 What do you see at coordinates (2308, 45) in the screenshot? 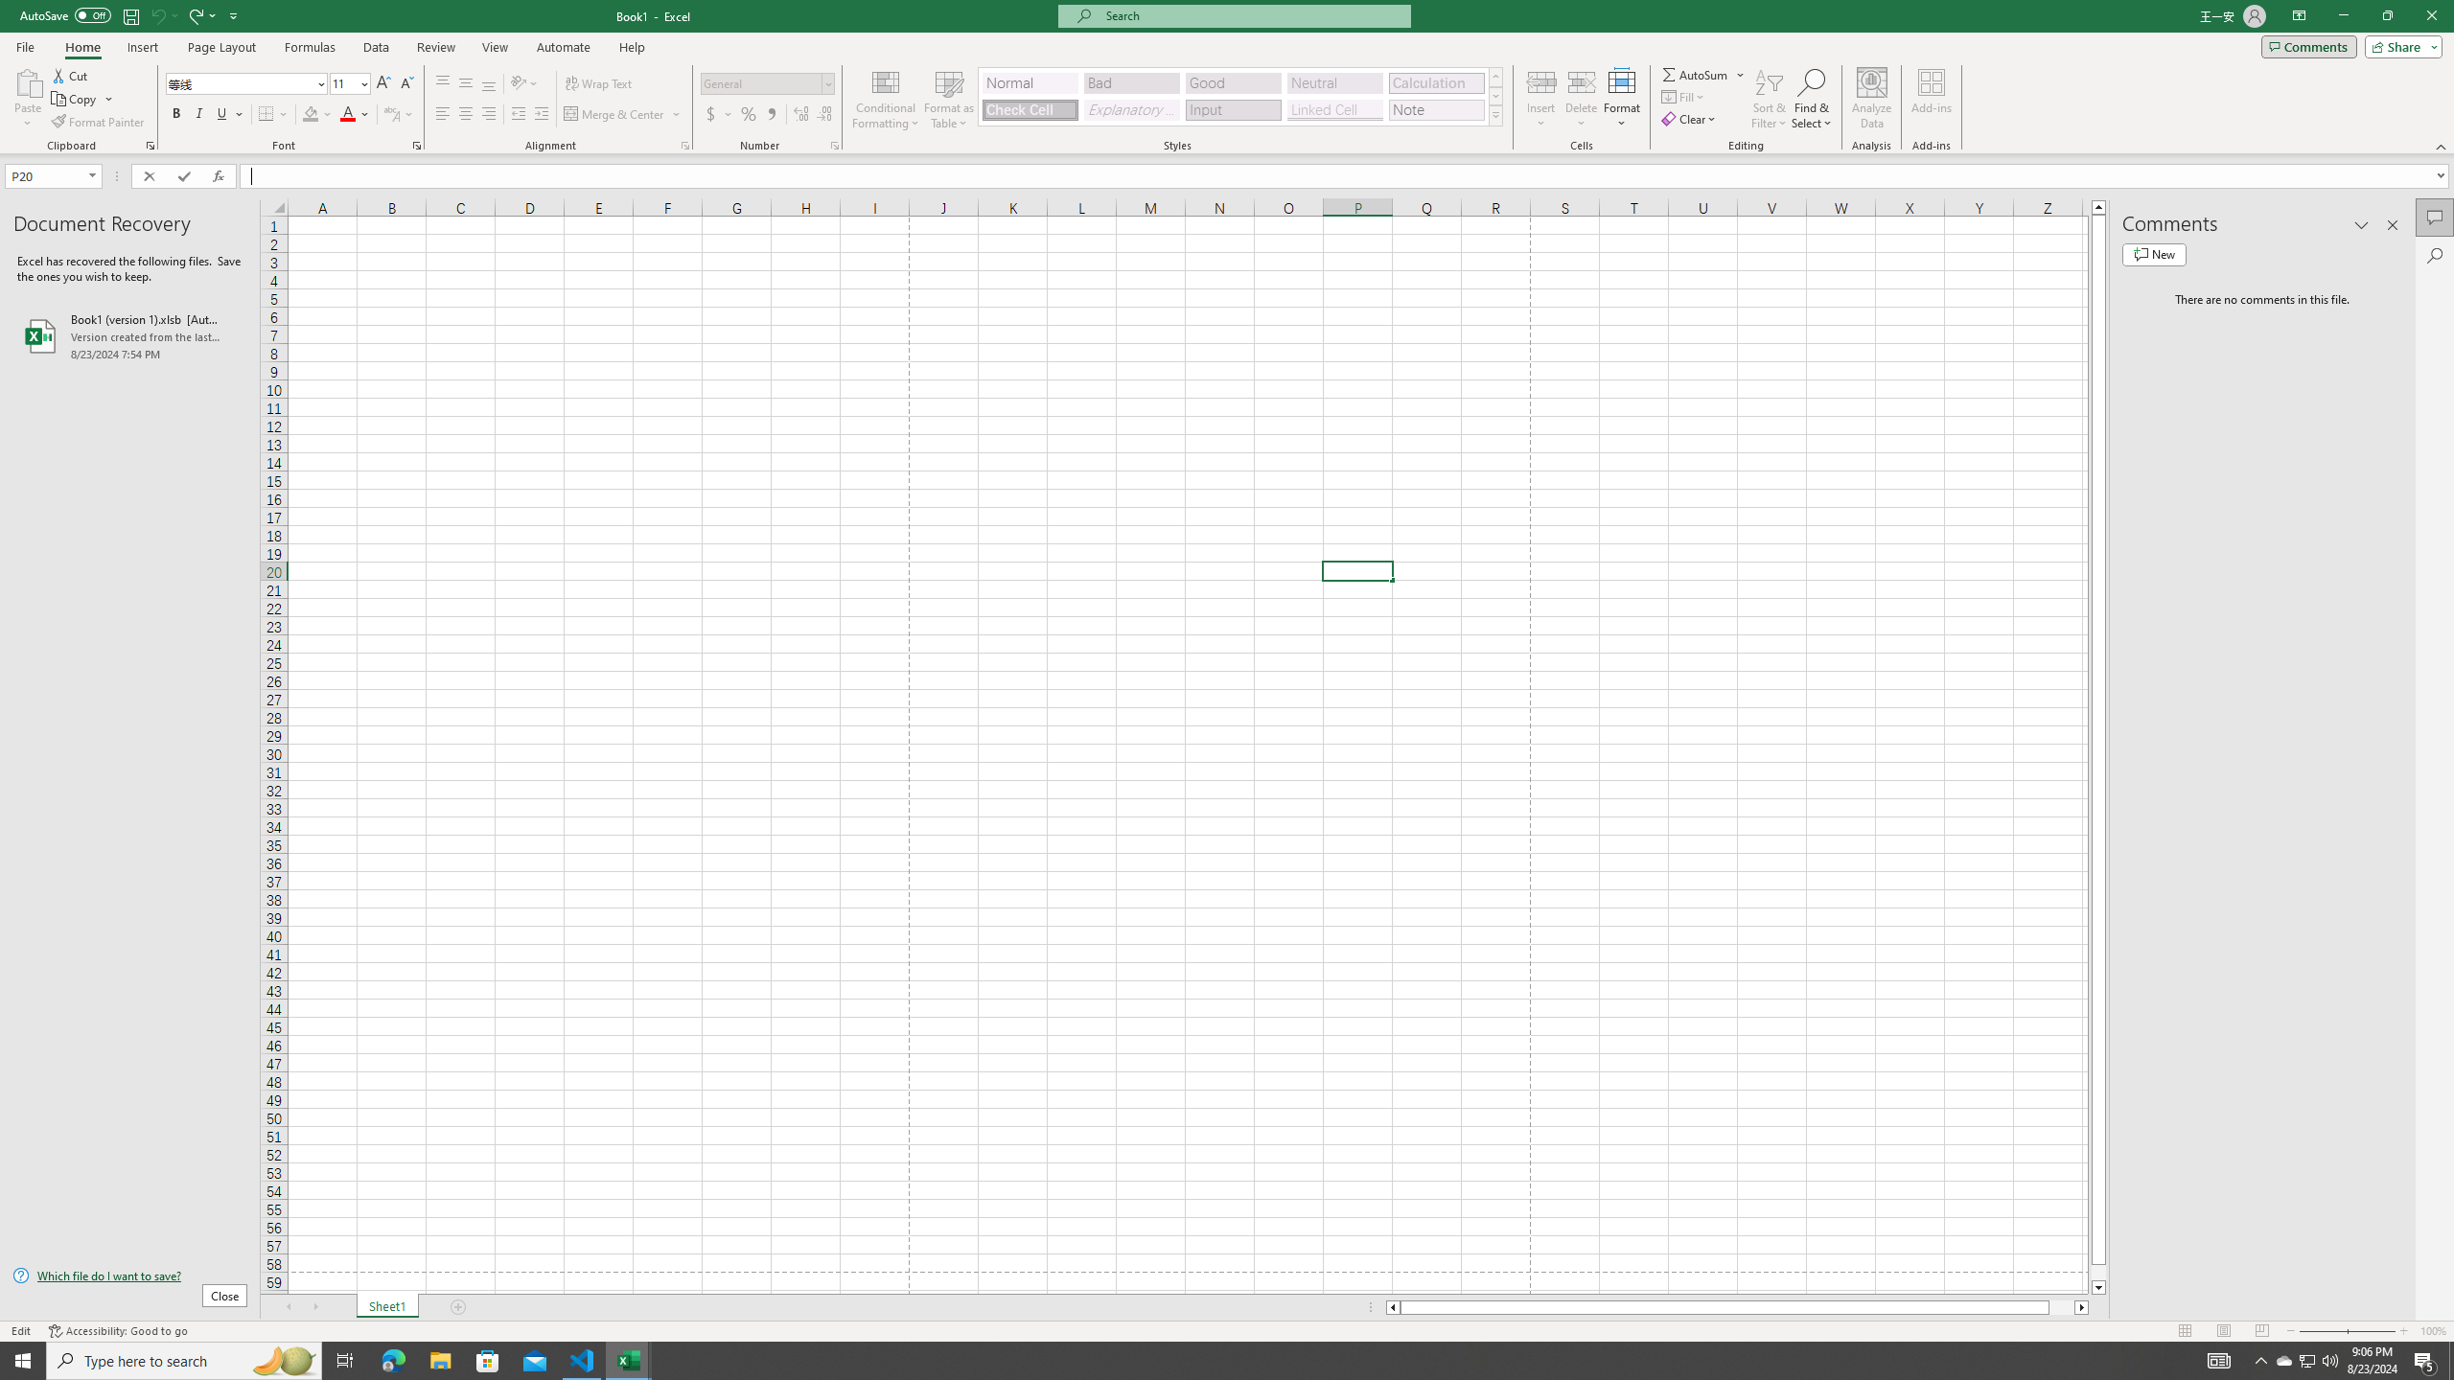
I see `'Comments'` at bounding box center [2308, 45].